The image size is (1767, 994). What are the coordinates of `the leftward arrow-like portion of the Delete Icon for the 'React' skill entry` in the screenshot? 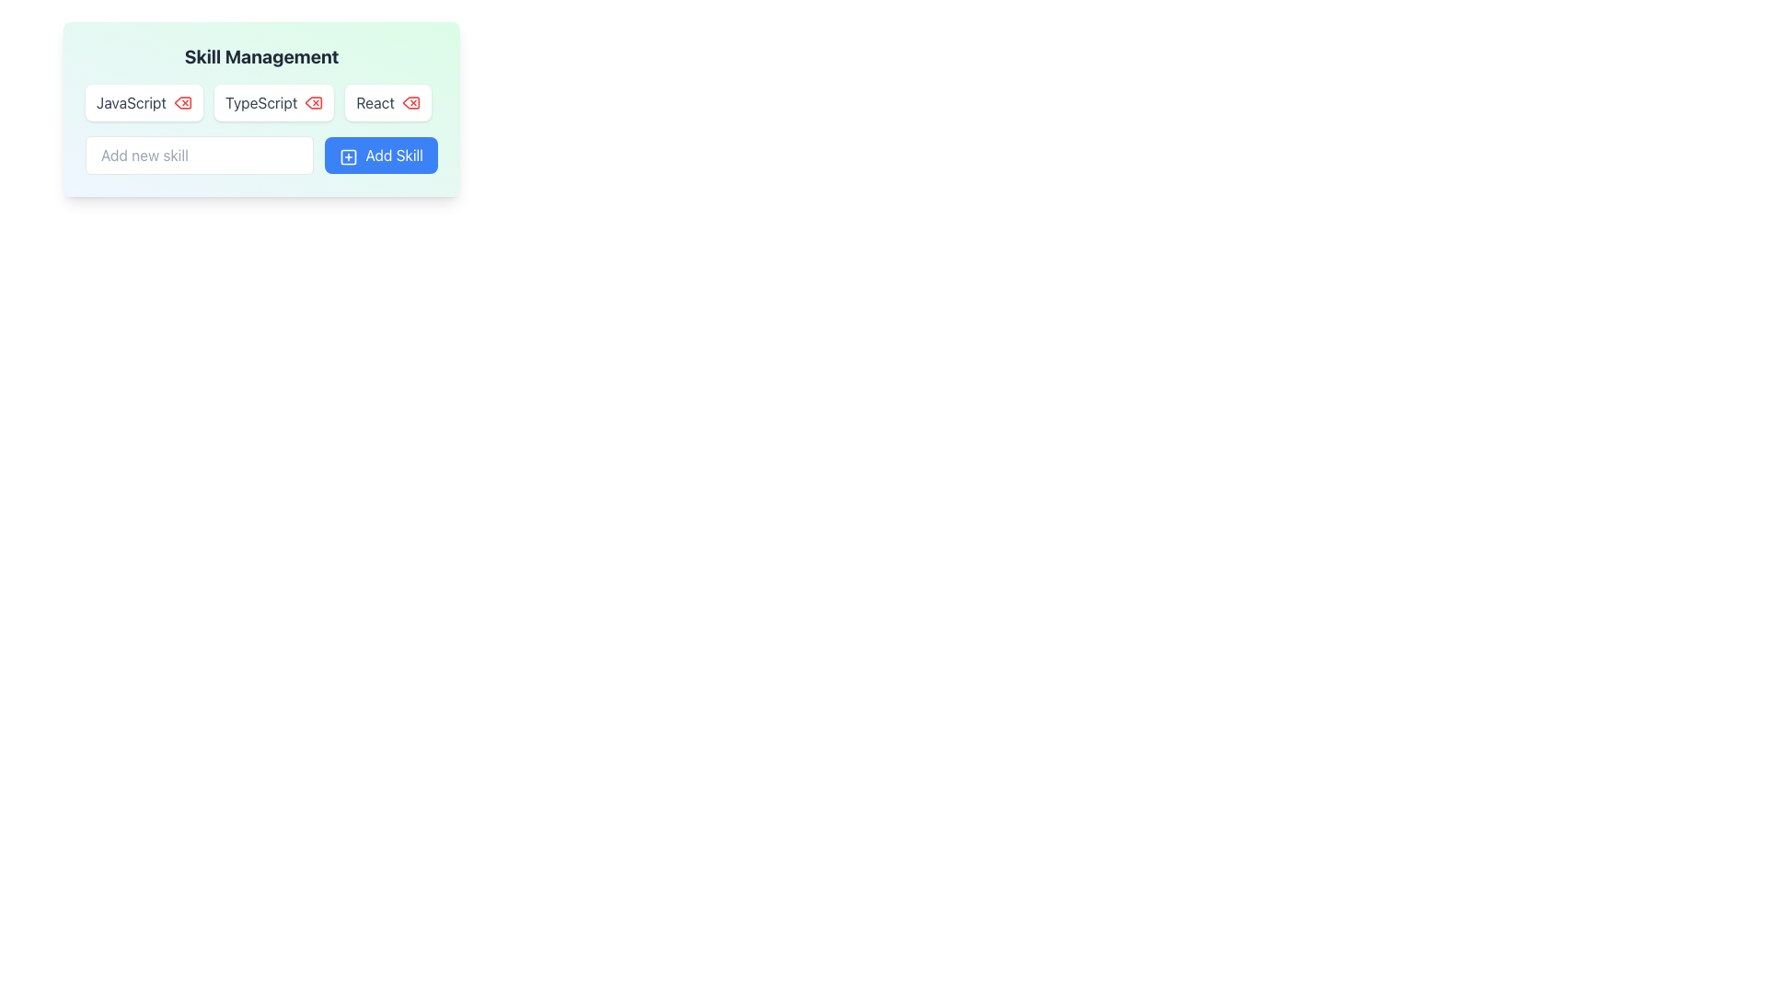 It's located at (410, 102).